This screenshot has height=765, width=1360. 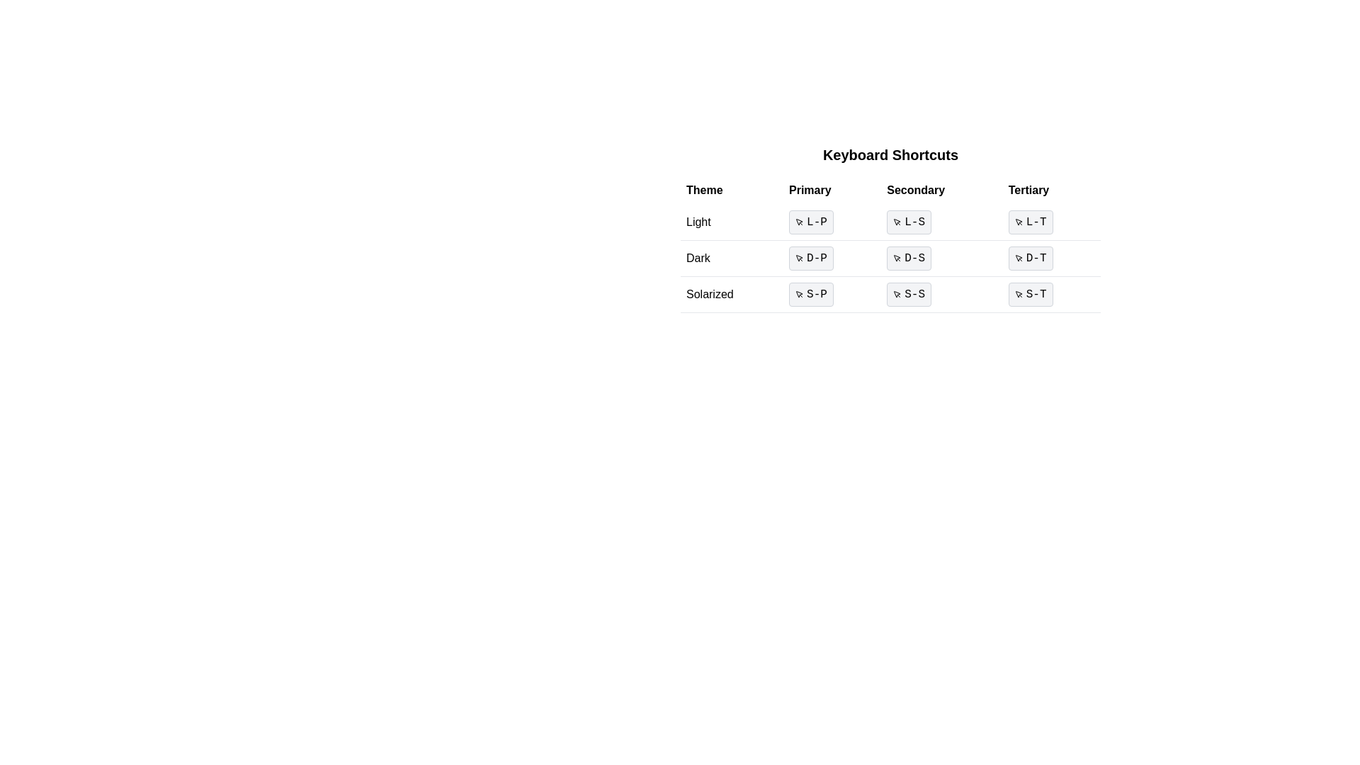 I want to click on the icon representing the keyboard shortcut 'S-T' located in the third row and third column of the 'Keyboard Shortcuts' section, so click(x=1018, y=294).